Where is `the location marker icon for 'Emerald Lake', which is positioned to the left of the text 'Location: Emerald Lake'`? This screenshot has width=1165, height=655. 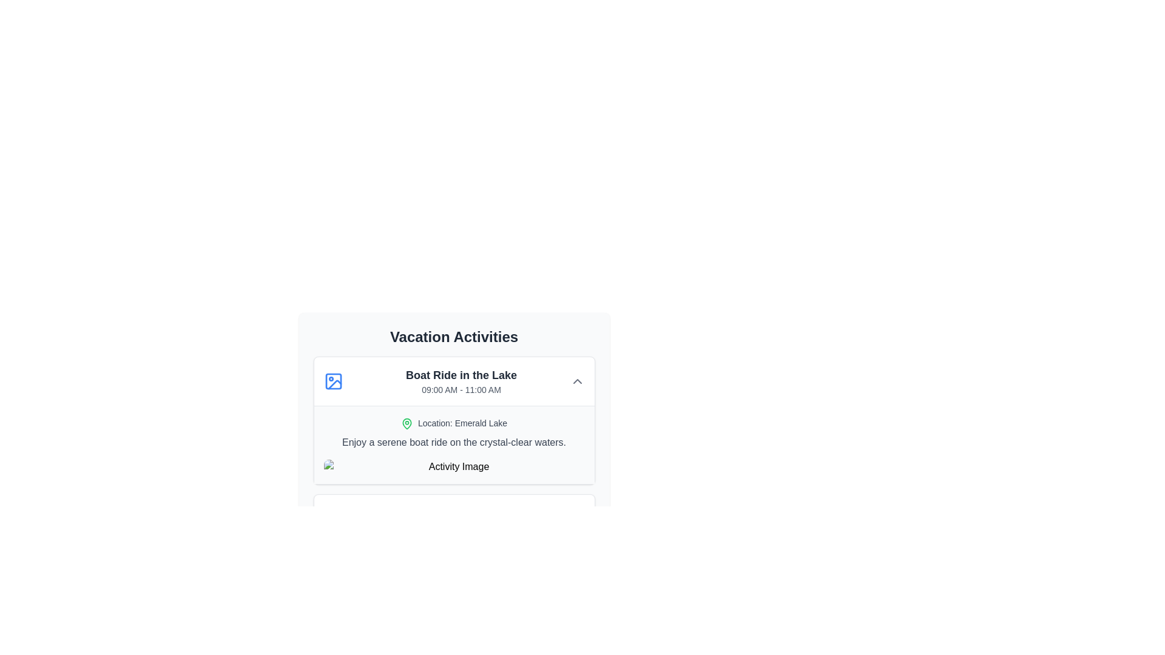
the location marker icon for 'Emerald Lake', which is positioned to the left of the text 'Location: Emerald Lake' is located at coordinates (407, 423).